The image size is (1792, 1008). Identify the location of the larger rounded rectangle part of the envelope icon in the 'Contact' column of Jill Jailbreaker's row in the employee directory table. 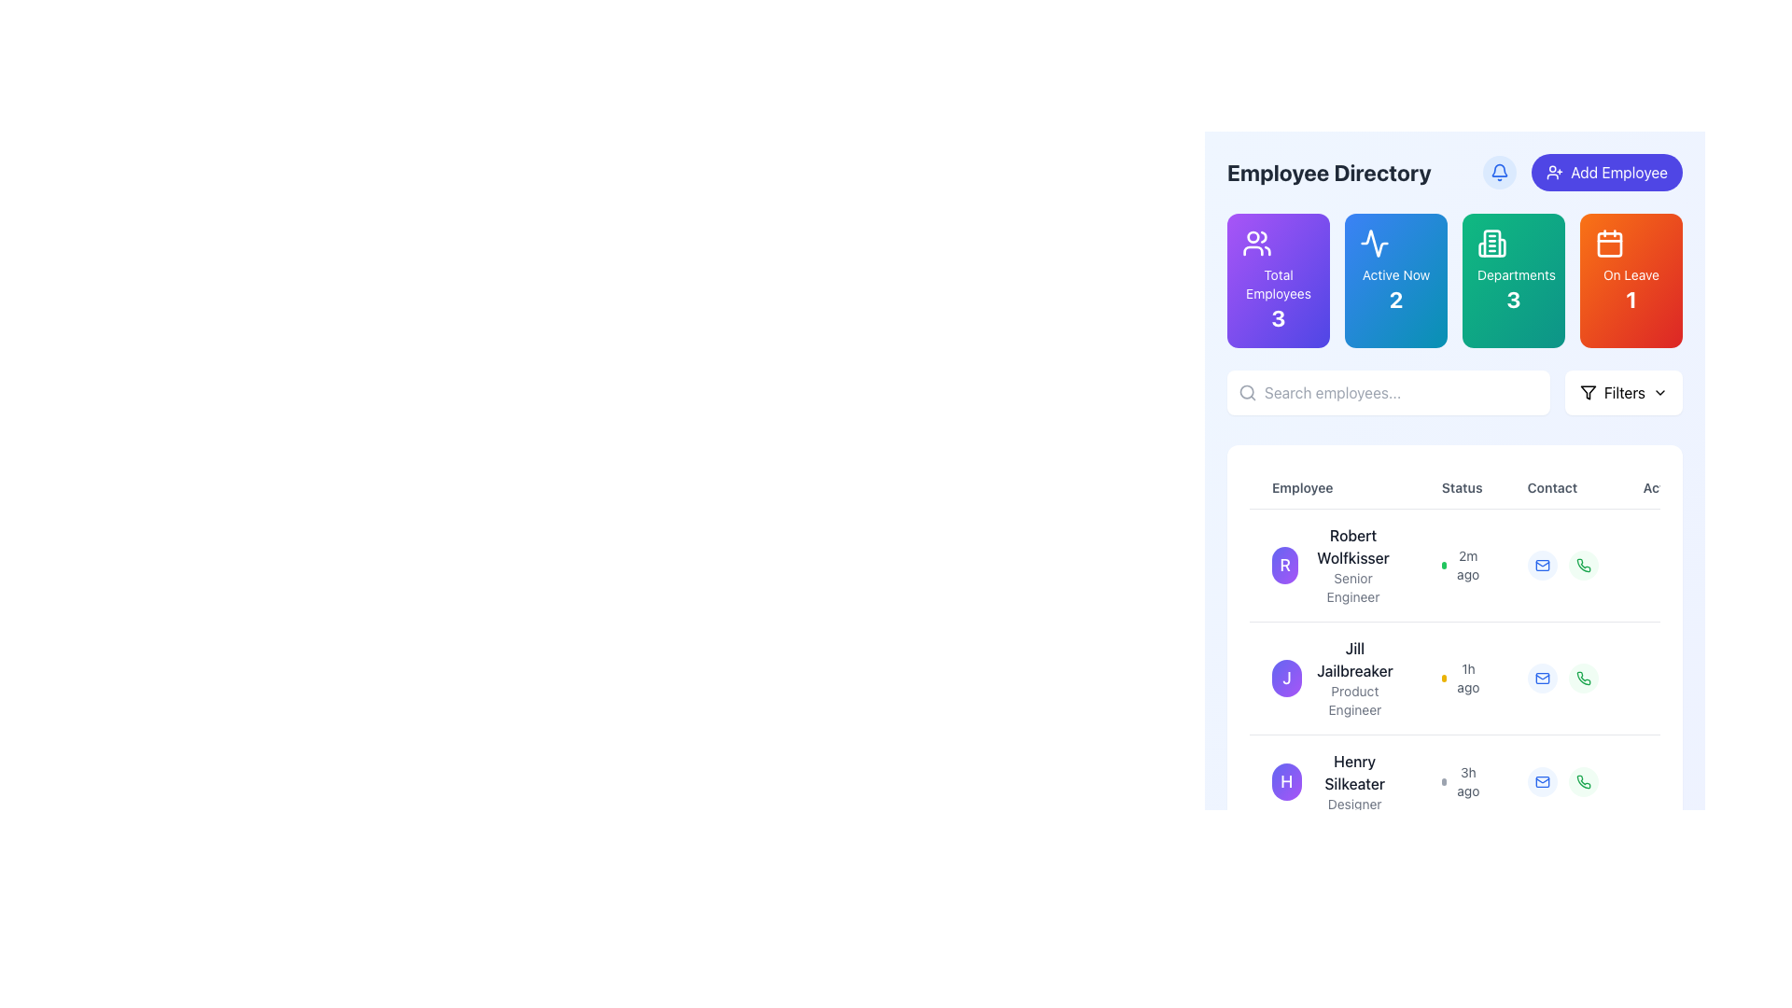
(1542, 678).